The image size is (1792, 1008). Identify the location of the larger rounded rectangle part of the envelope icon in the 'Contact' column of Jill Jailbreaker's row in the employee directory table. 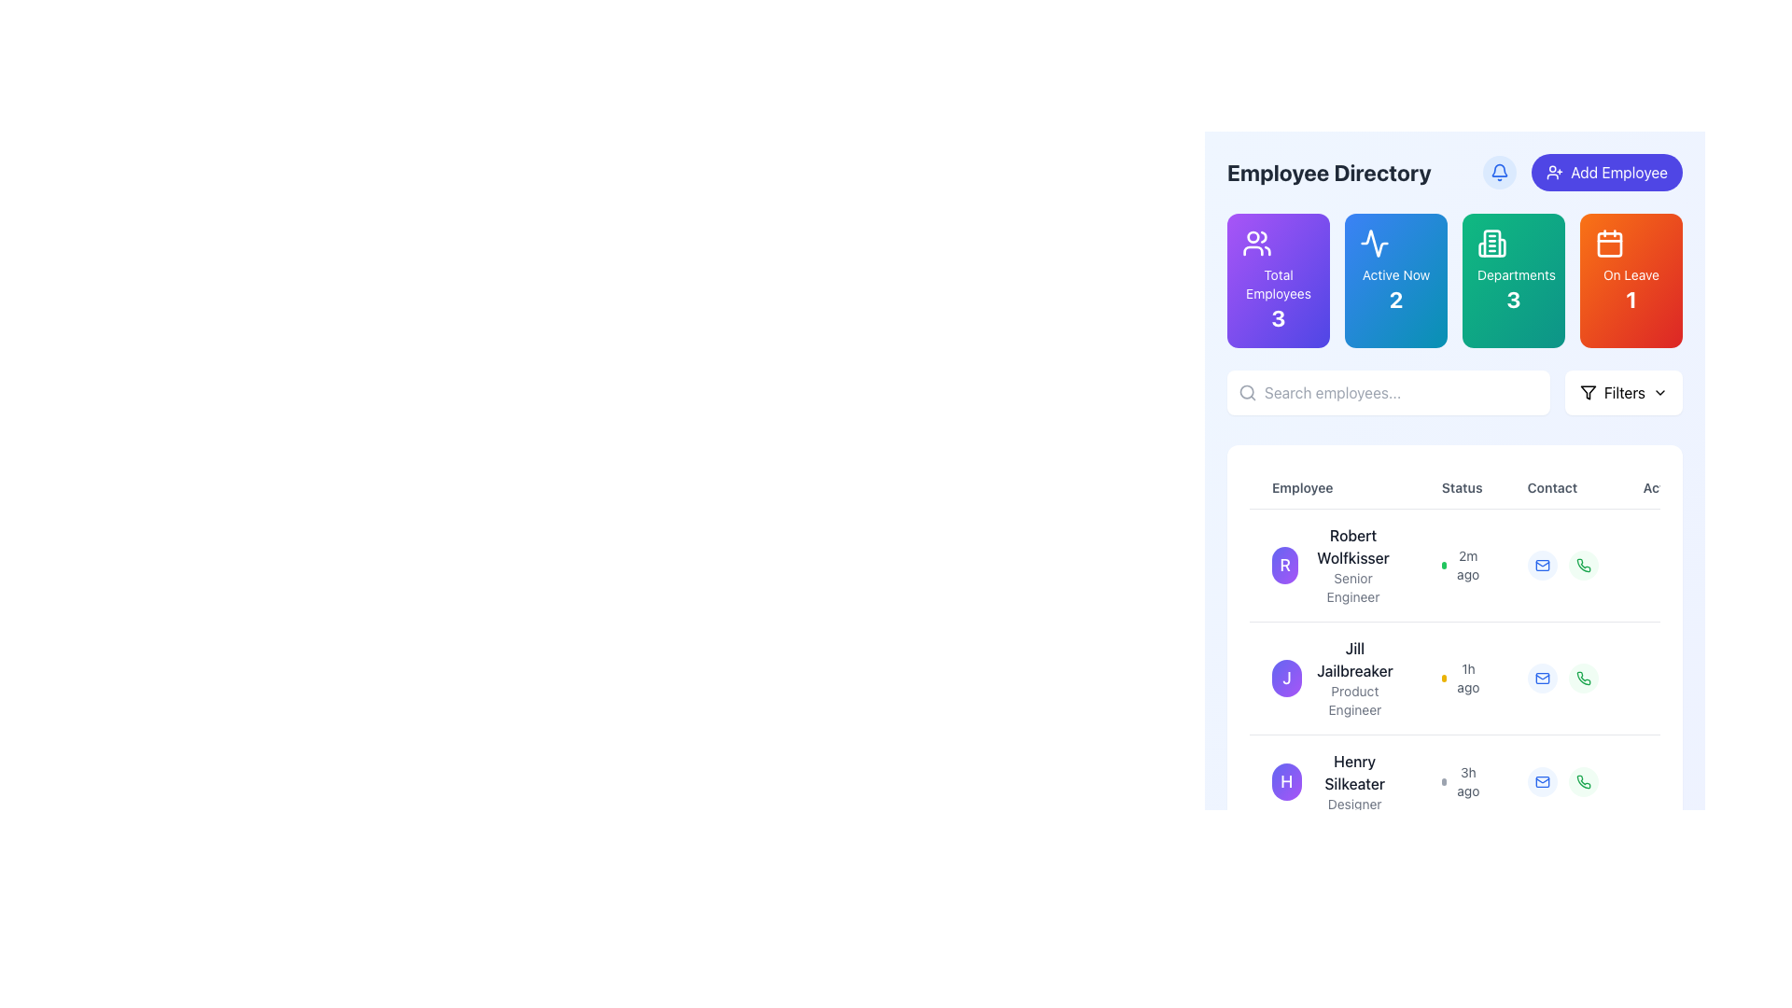
(1542, 678).